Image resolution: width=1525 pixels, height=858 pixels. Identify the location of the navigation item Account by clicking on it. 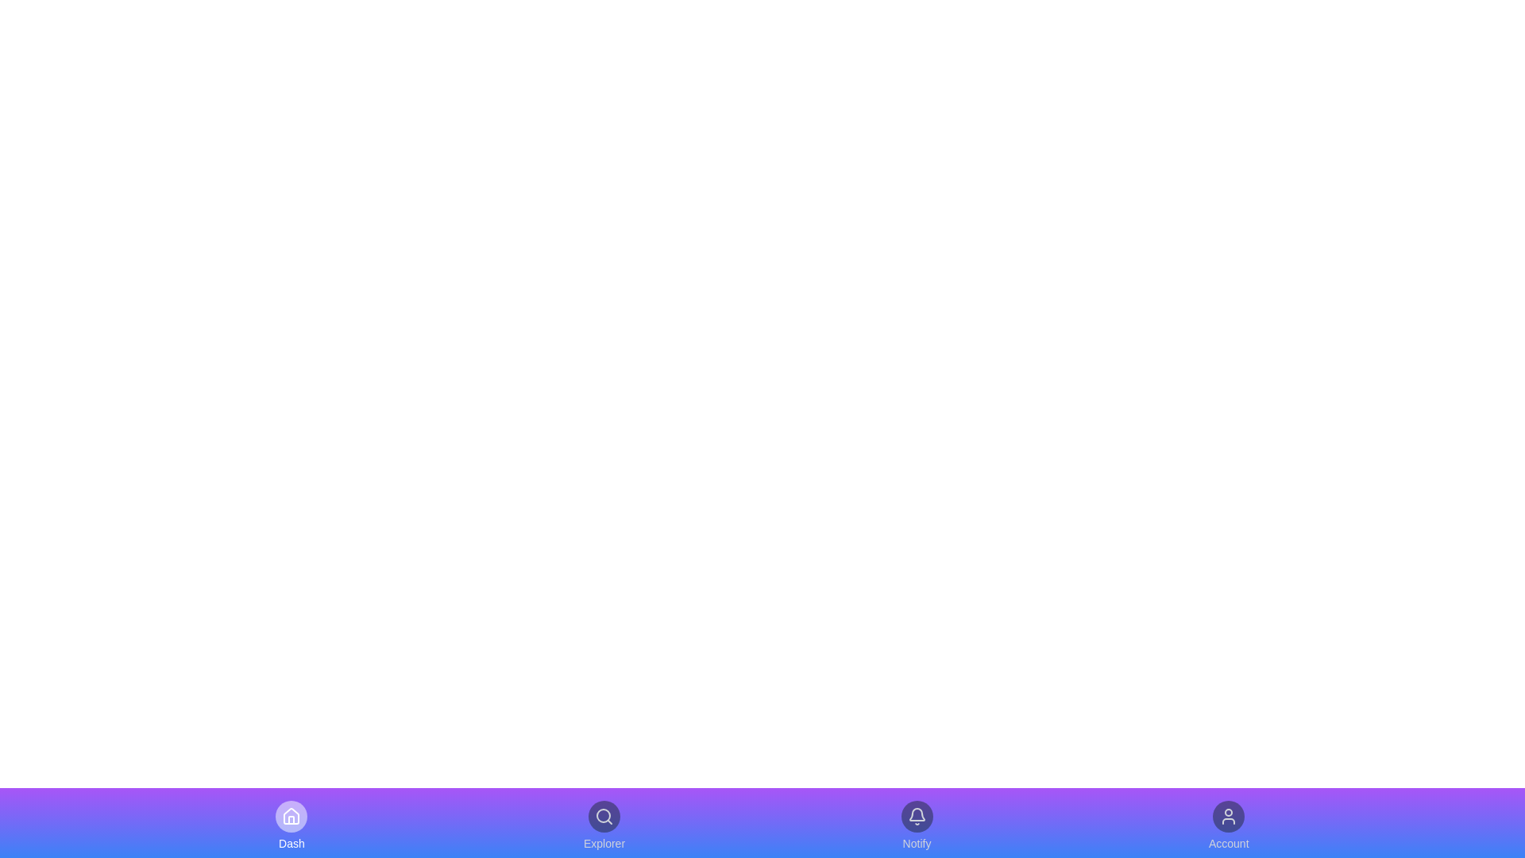
(1228, 825).